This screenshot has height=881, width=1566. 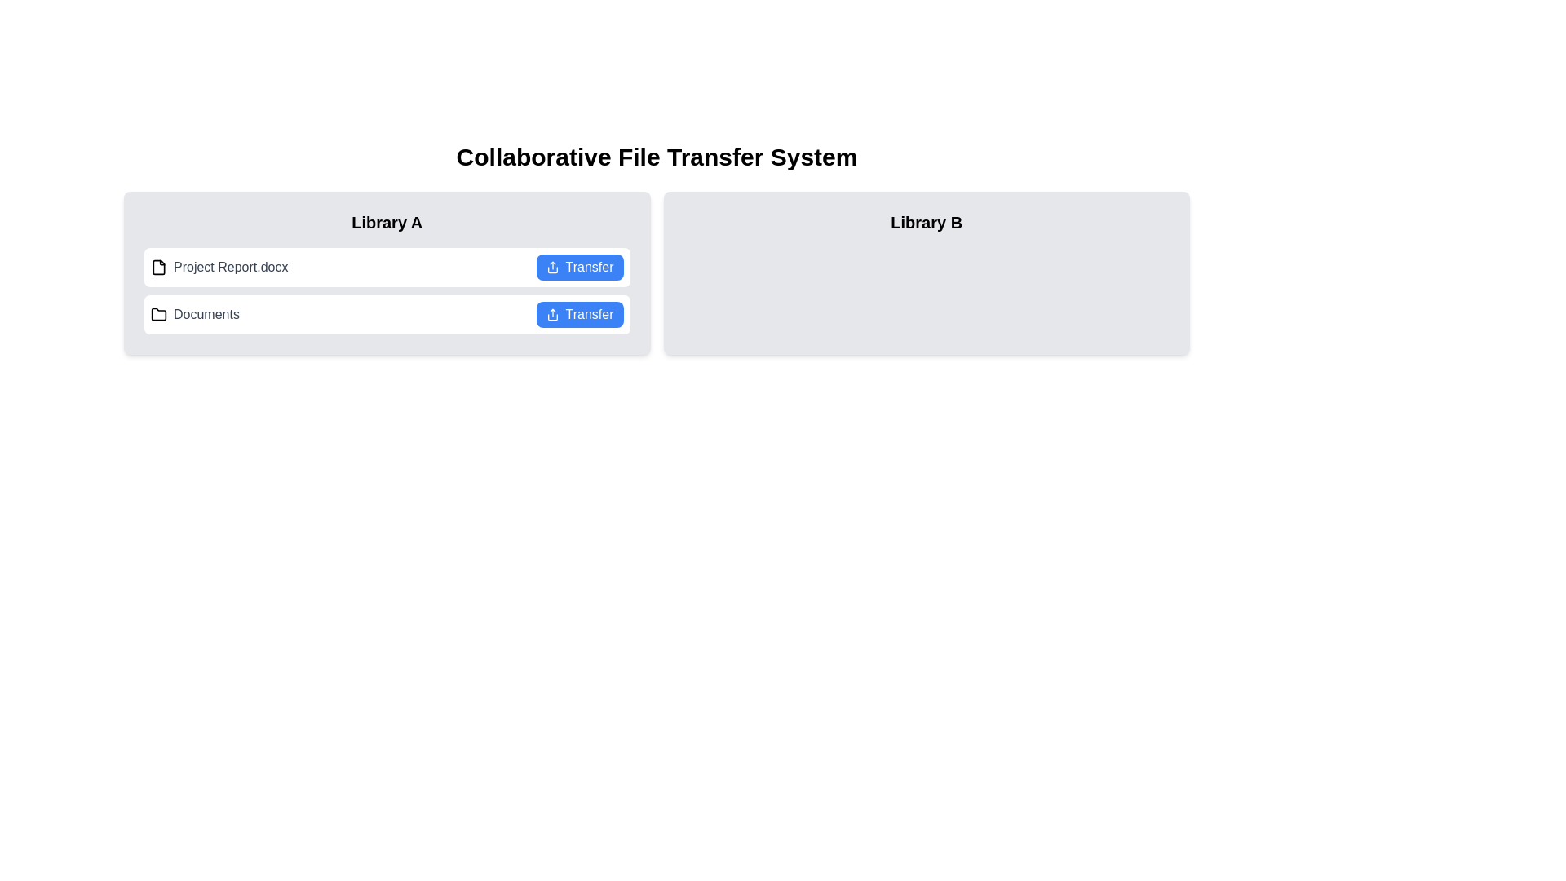 I want to click on the folder icon associated with the 'Documents' file item under 'Library A', so click(x=159, y=314).